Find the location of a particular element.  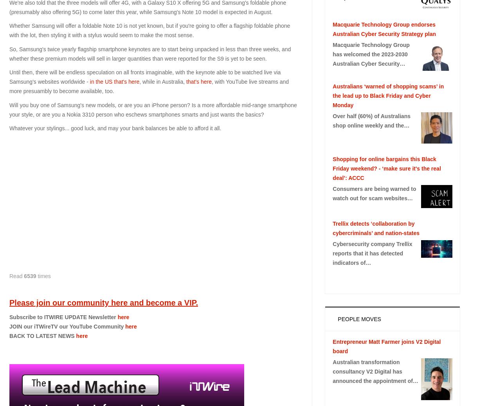

'6539' is located at coordinates (23, 275).